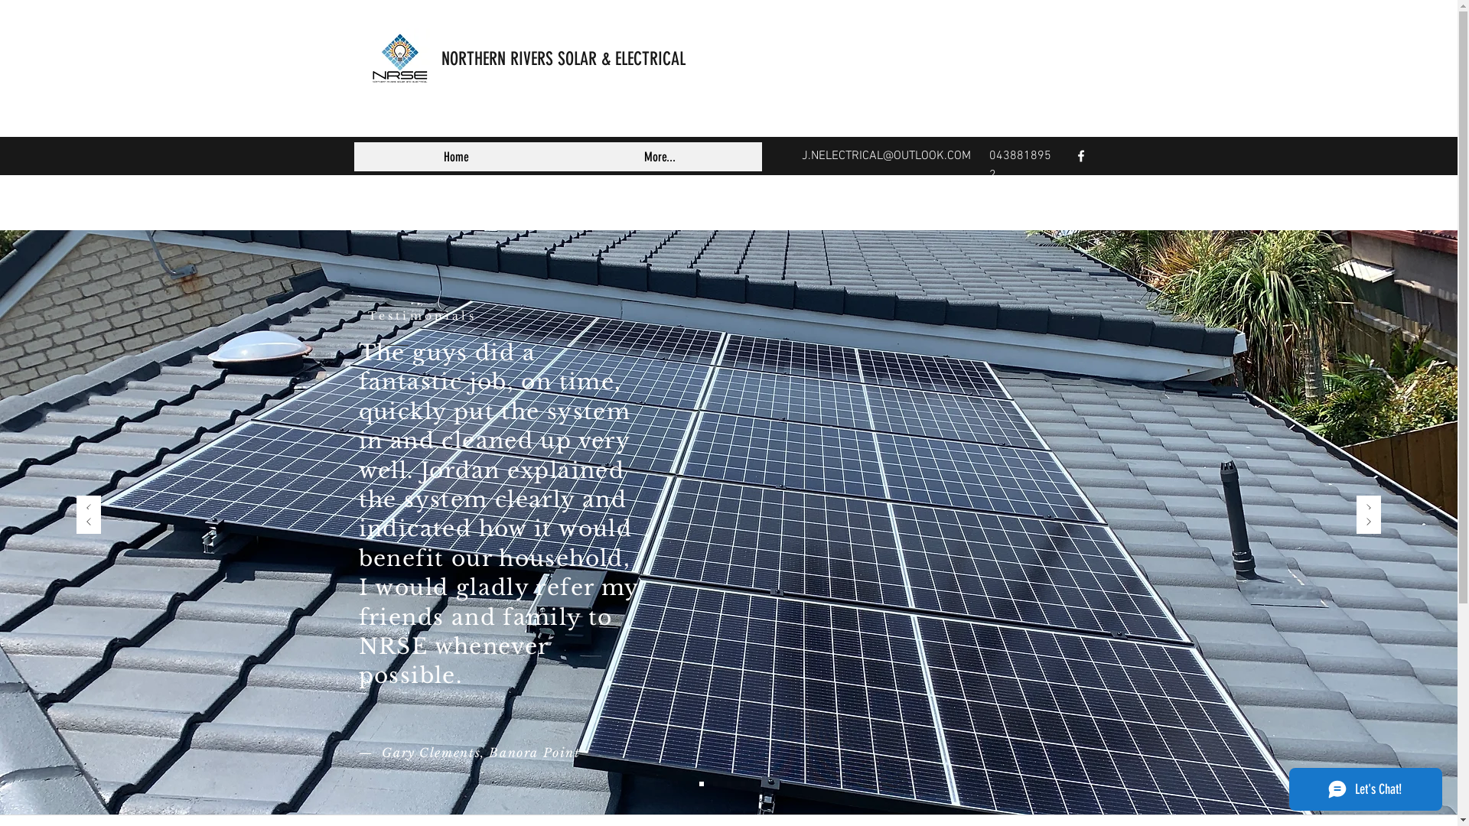 The height and width of the screenshot is (826, 1469). I want to click on 'Home', so click(454, 156).